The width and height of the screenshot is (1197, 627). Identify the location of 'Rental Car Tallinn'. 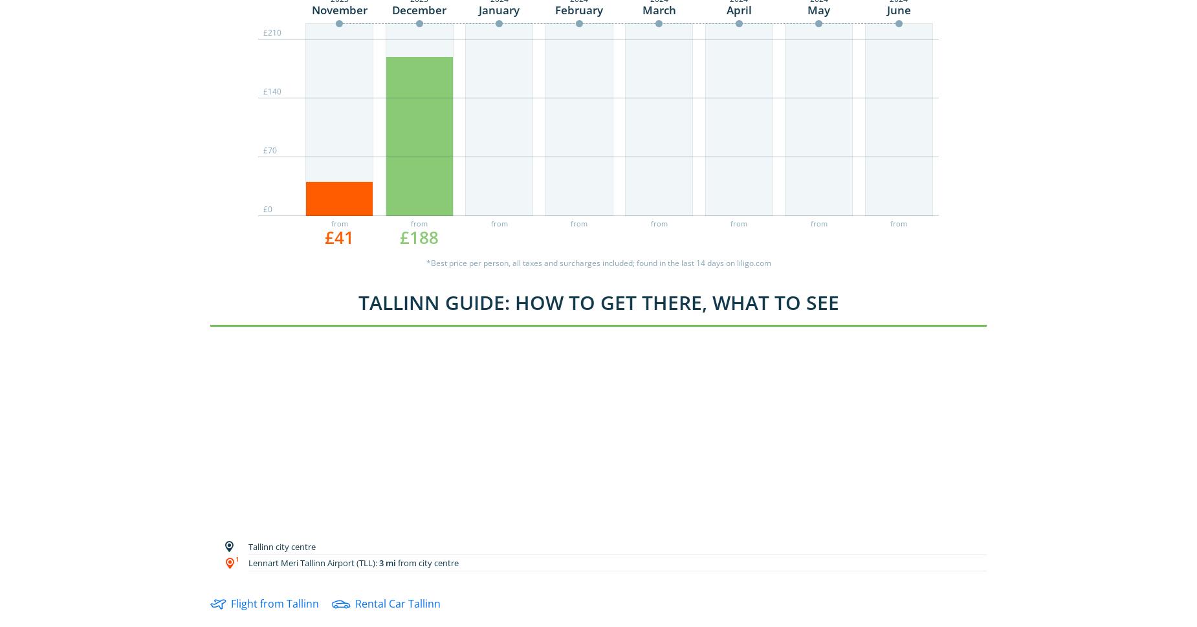
(397, 602).